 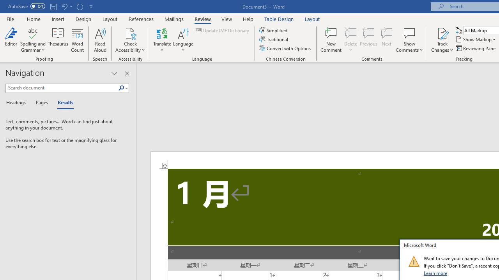 I want to click on 'Undo Apply Quick Style', so click(x=66, y=6).